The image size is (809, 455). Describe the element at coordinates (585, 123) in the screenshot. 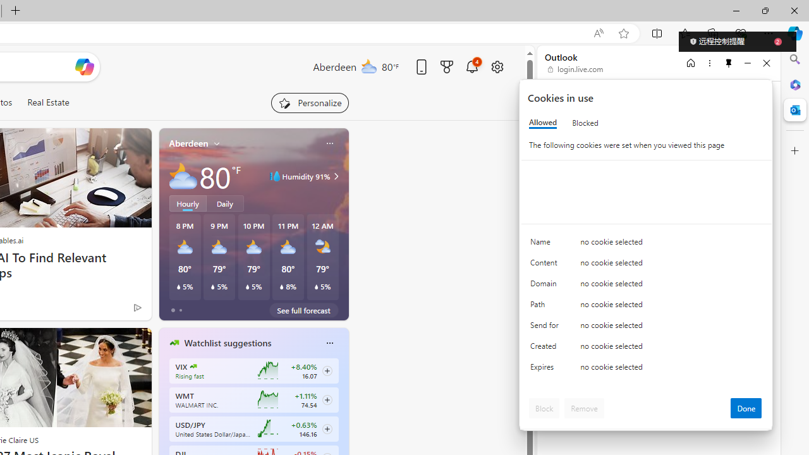

I see `'Blocked'` at that location.